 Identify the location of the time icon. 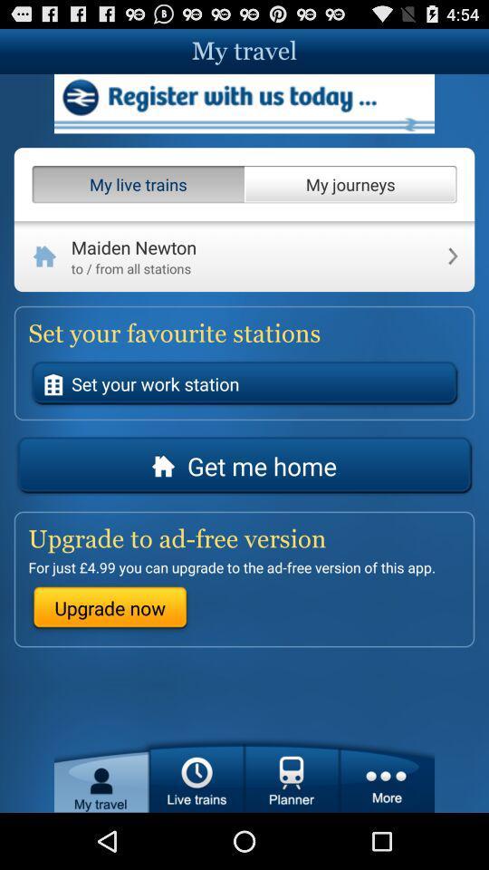
(196, 828).